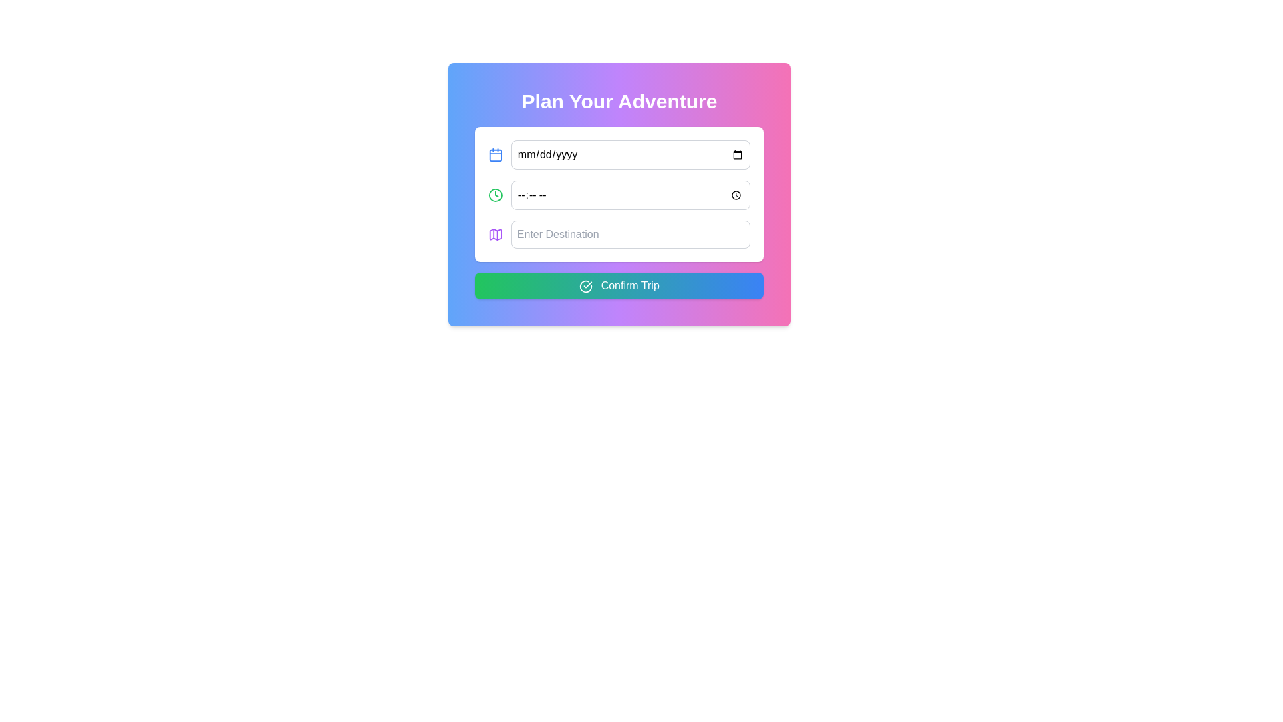 The width and height of the screenshot is (1283, 722). What do you see at coordinates (586, 285) in the screenshot?
I see `the circular icon with a check mark inside, which is located to the left of the 'Confirm Trip' button's text label` at bounding box center [586, 285].